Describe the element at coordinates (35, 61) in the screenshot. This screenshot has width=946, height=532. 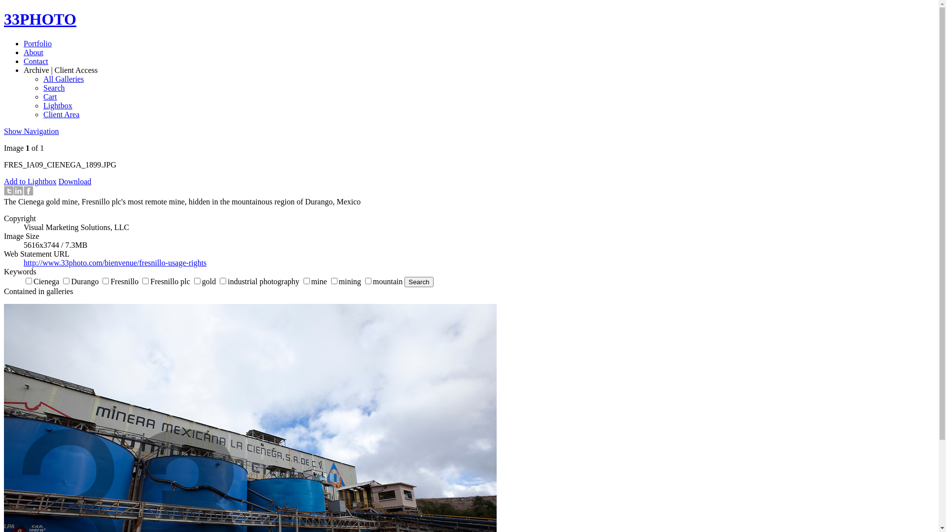
I see `'Contact'` at that location.